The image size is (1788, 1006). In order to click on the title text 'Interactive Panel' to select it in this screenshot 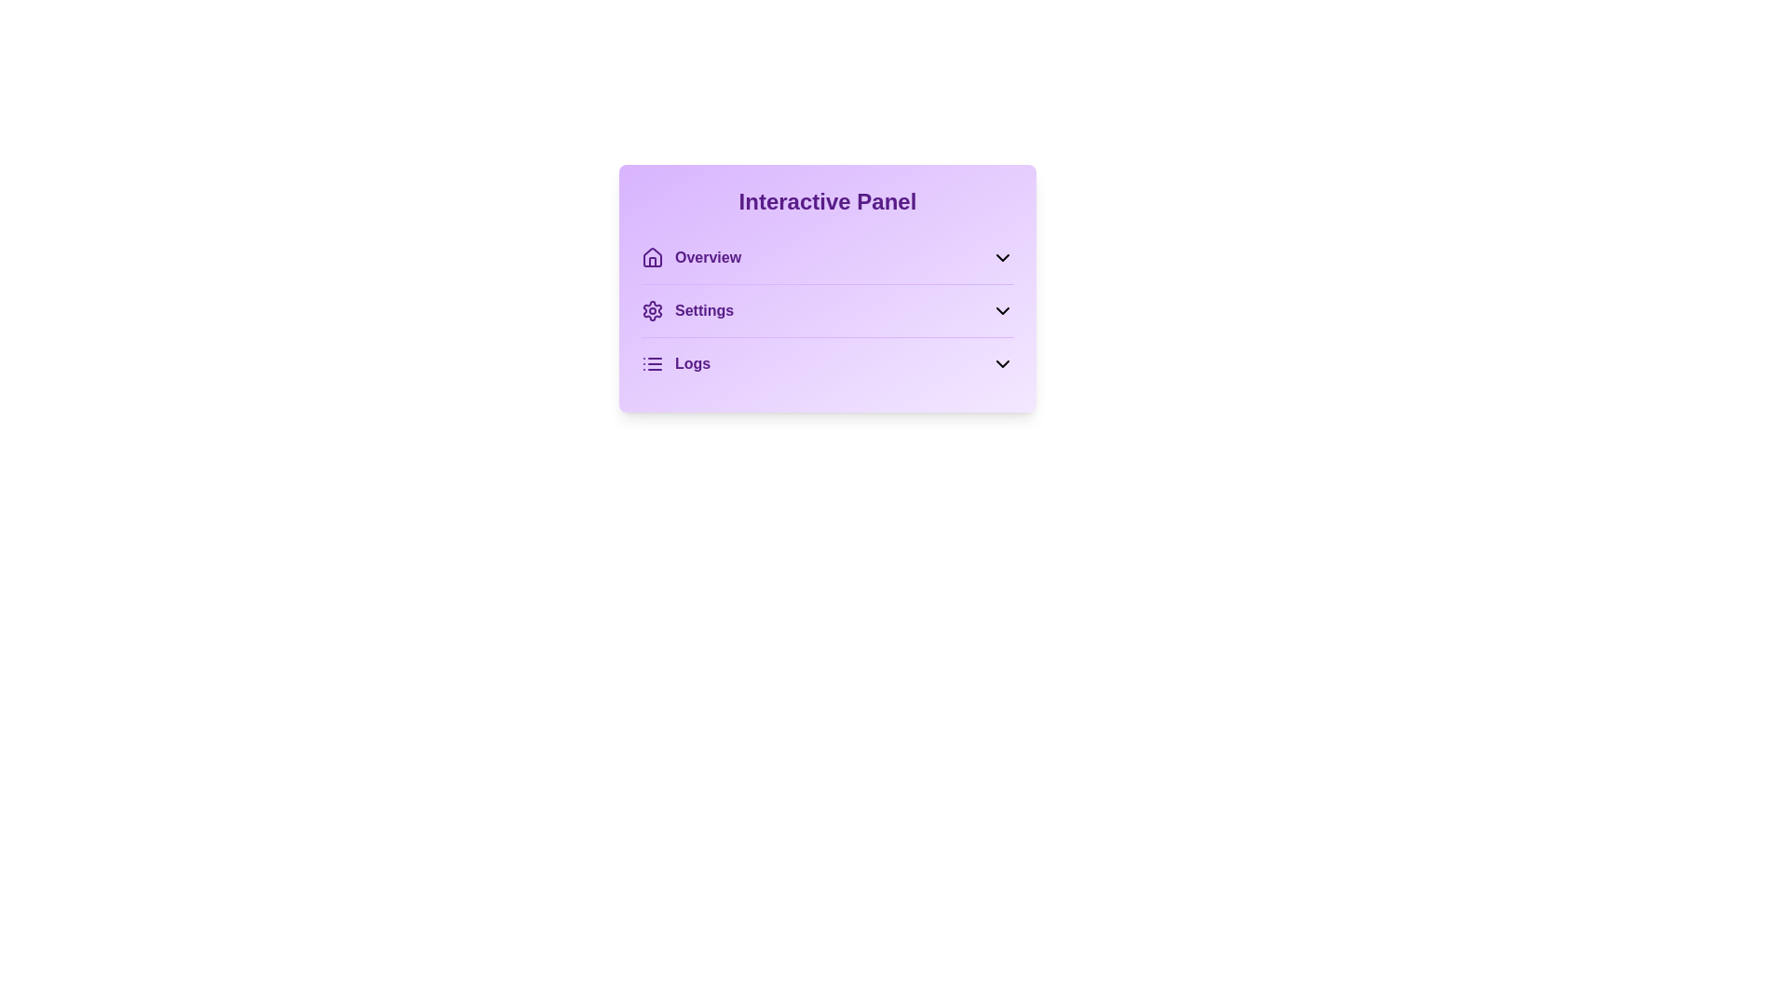, I will do `click(826, 201)`.